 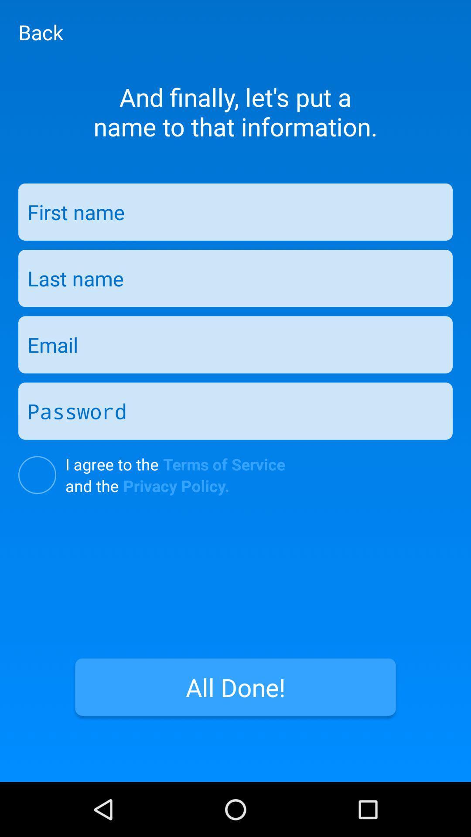 I want to click on password, so click(x=235, y=411).